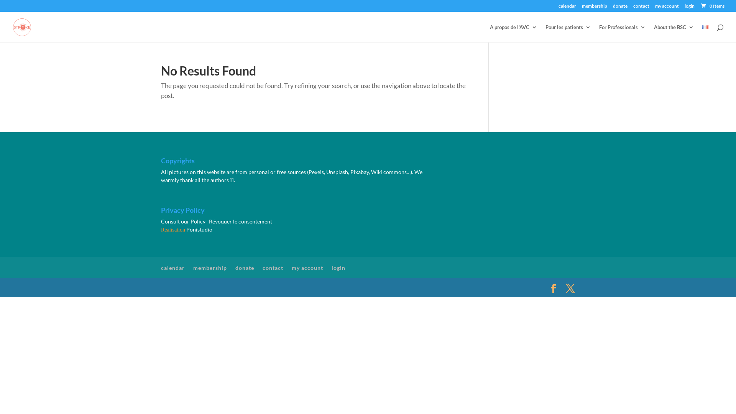 The width and height of the screenshot is (736, 414). What do you see at coordinates (273, 267) in the screenshot?
I see `'contact'` at bounding box center [273, 267].